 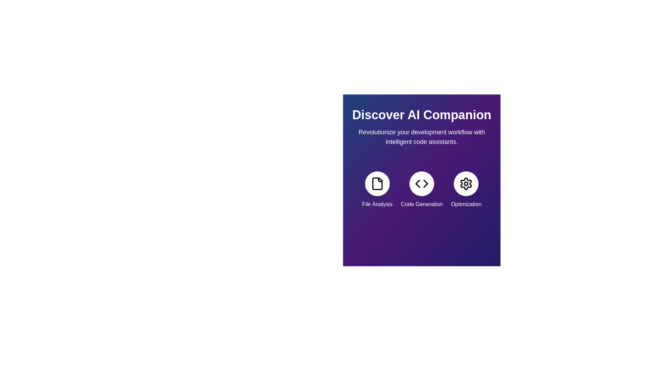 I want to click on the settings icon, which resembles a gear, located in the middle-bottom row of three icons under 'Discover AI Companion', so click(x=466, y=183).